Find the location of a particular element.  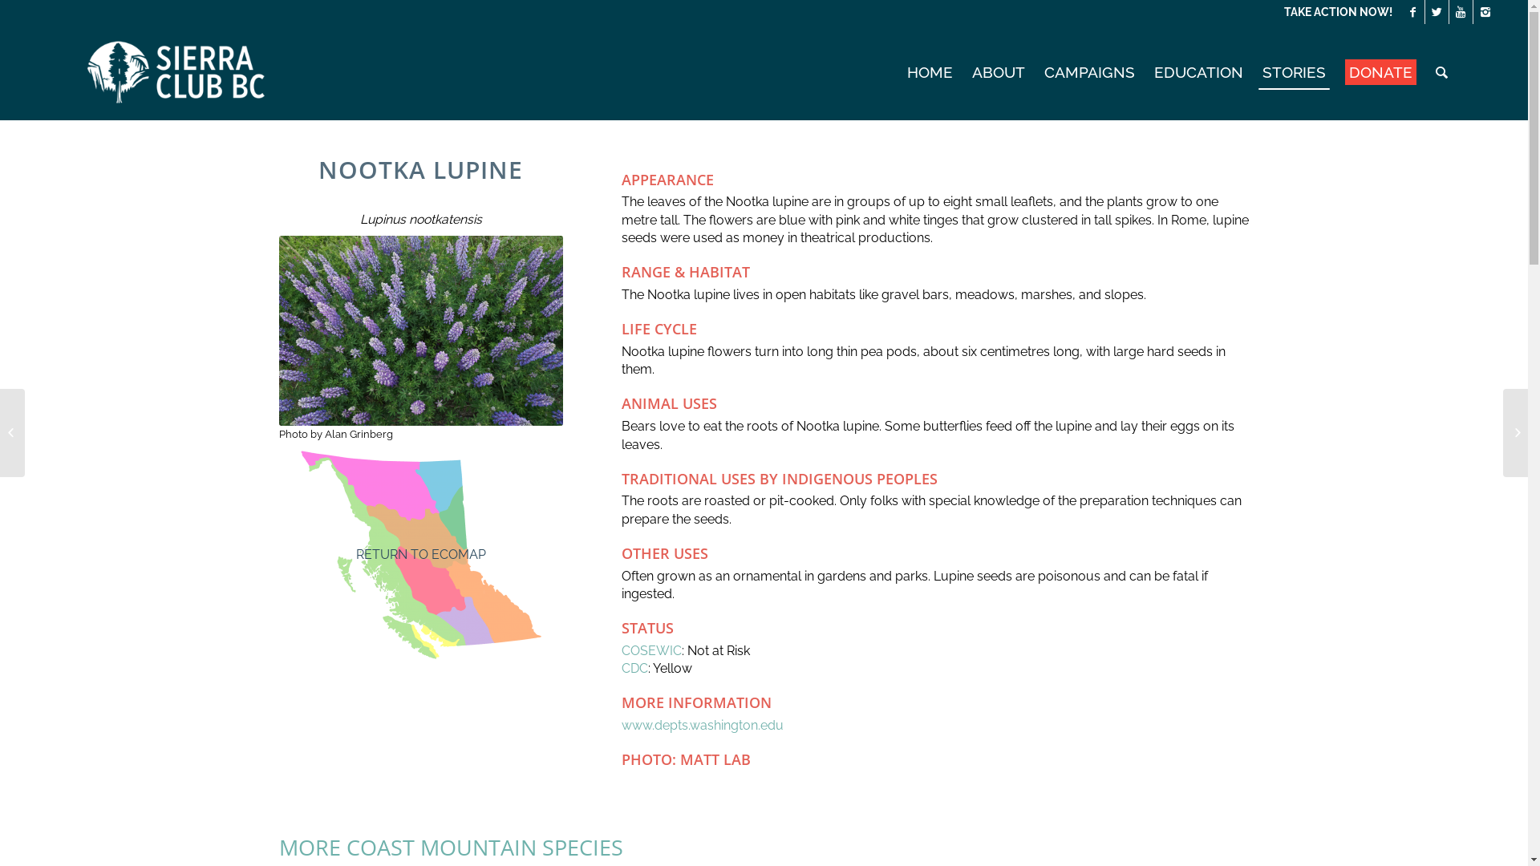

'CAMPAIGNS' is located at coordinates (1089, 71).